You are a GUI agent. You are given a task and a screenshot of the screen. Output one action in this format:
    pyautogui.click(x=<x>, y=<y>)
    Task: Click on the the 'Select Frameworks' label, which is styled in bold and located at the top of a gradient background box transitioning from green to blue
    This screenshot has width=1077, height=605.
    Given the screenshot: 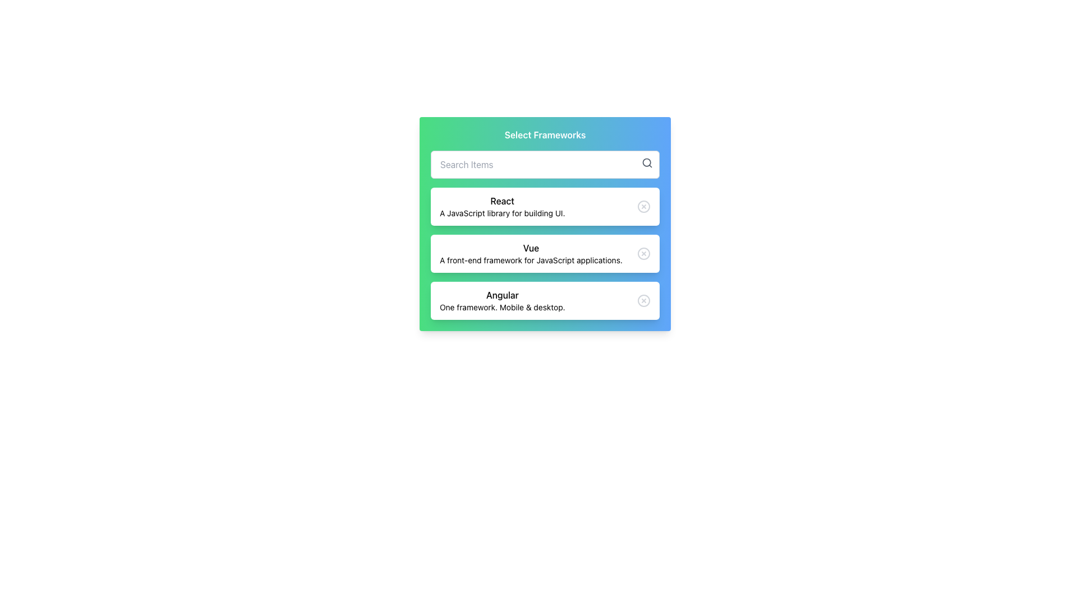 What is the action you would take?
    pyautogui.click(x=545, y=134)
    